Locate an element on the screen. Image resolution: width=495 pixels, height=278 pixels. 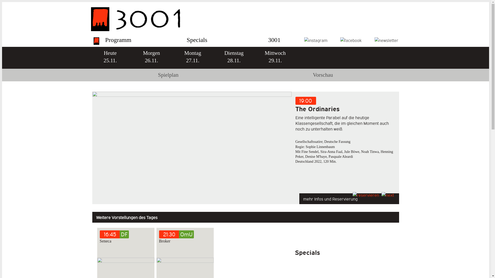
'das 3001 Kino bei instagram' is located at coordinates (315, 40).